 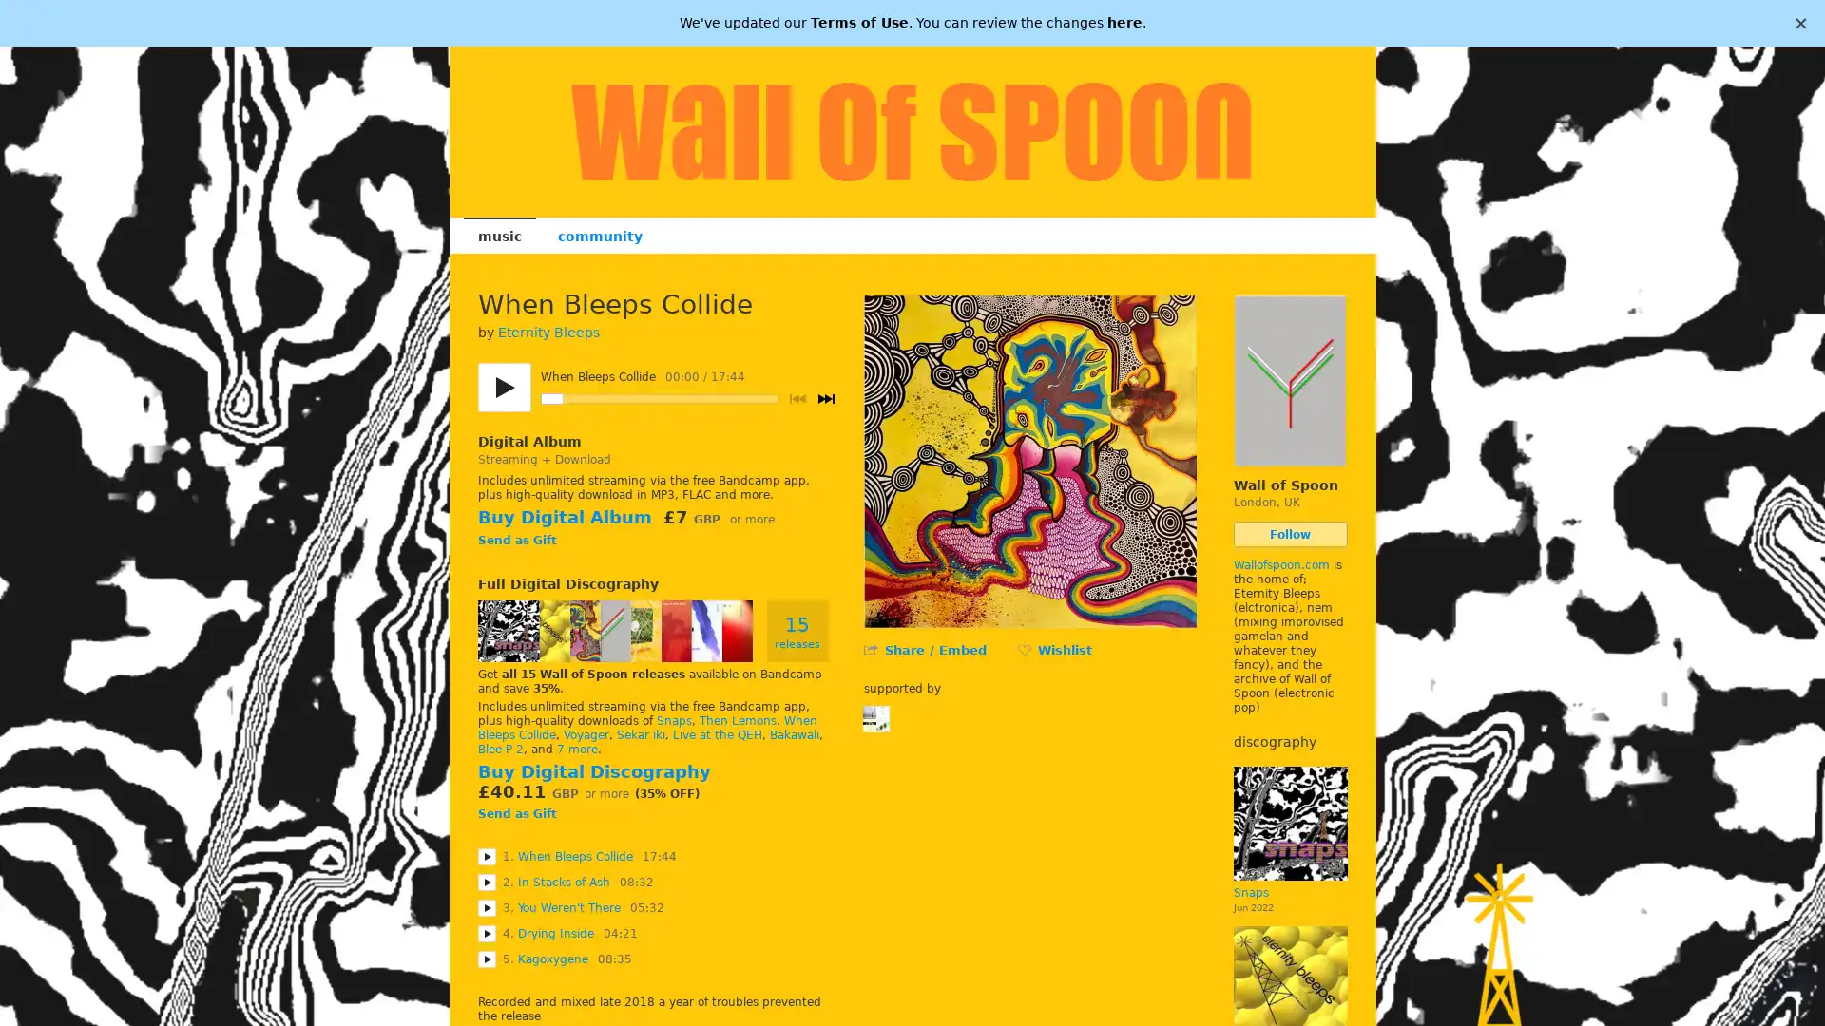 What do you see at coordinates (528, 442) in the screenshot?
I see `Digital Album` at bounding box center [528, 442].